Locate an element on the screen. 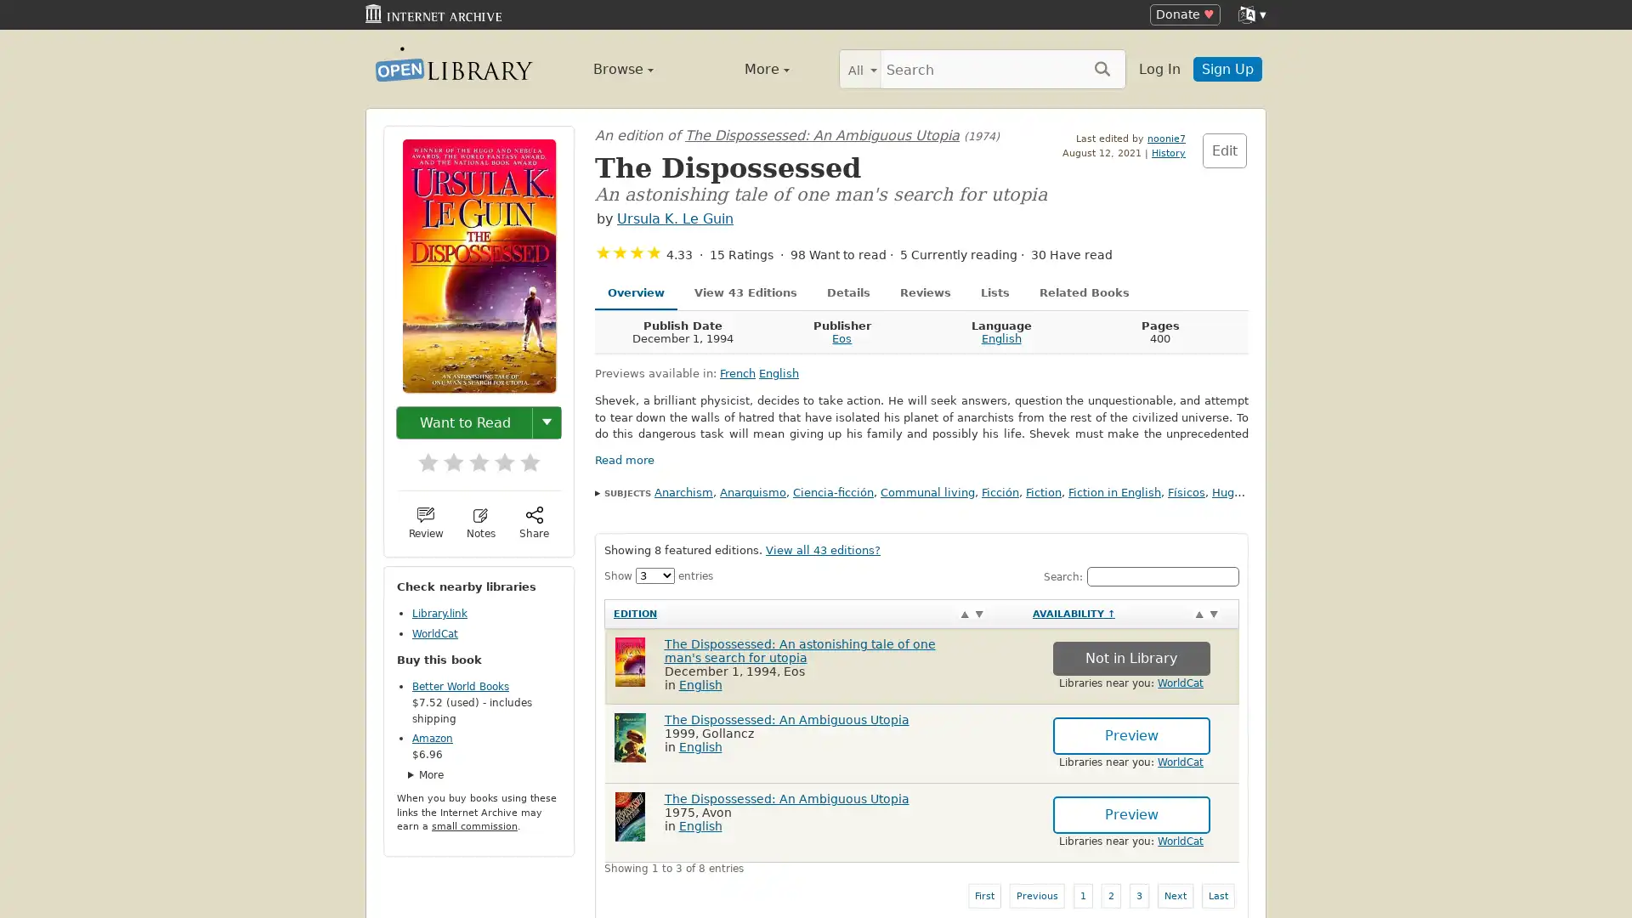 This screenshot has height=918, width=1632. 3 is located at coordinates (470, 456).